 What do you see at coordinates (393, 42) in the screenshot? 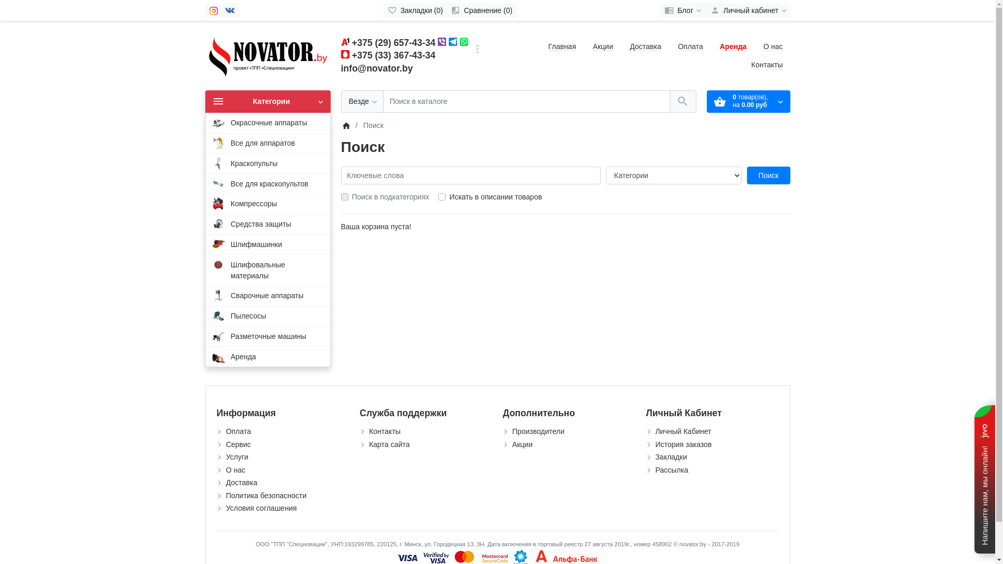
I see `'+375 (29) 657-43-34'` at bounding box center [393, 42].